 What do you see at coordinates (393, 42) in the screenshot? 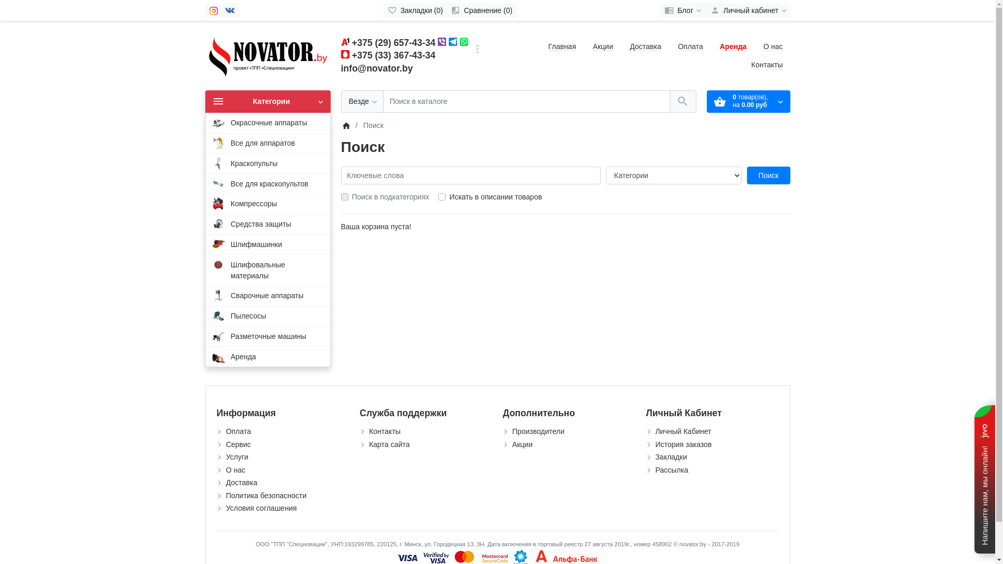
I see `'+375 (29) 657-43-34'` at bounding box center [393, 42].